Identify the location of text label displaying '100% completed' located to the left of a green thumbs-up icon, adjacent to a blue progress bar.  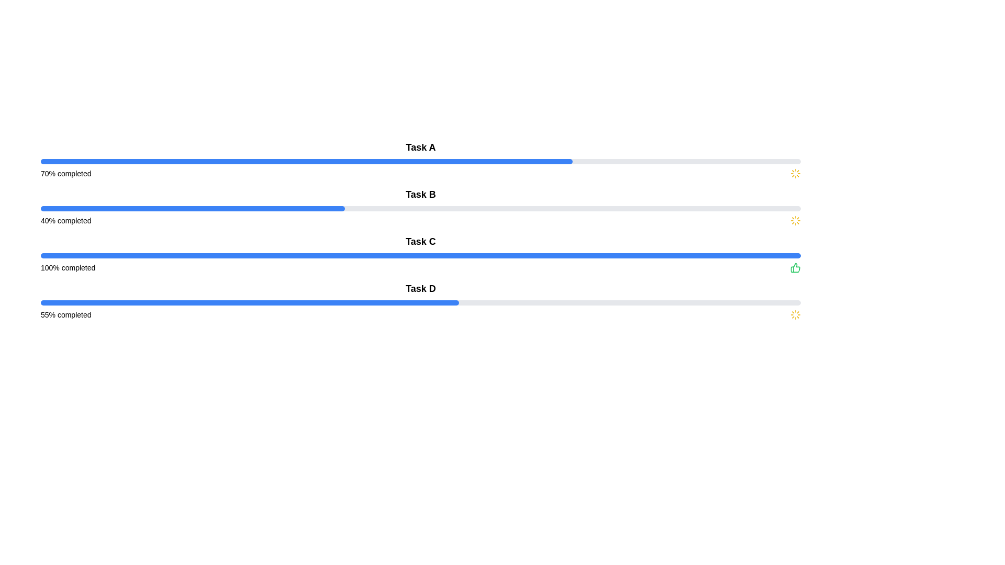
(68, 267).